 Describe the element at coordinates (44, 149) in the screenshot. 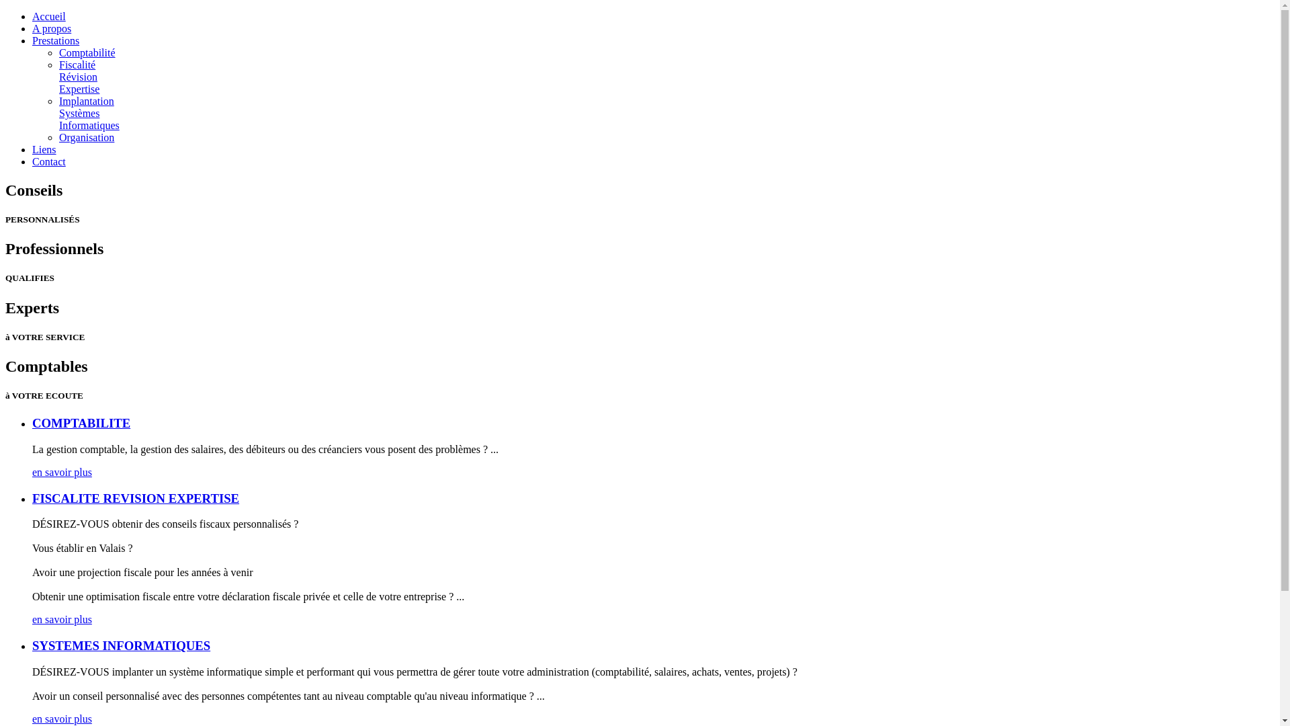

I see `'Liens'` at that location.